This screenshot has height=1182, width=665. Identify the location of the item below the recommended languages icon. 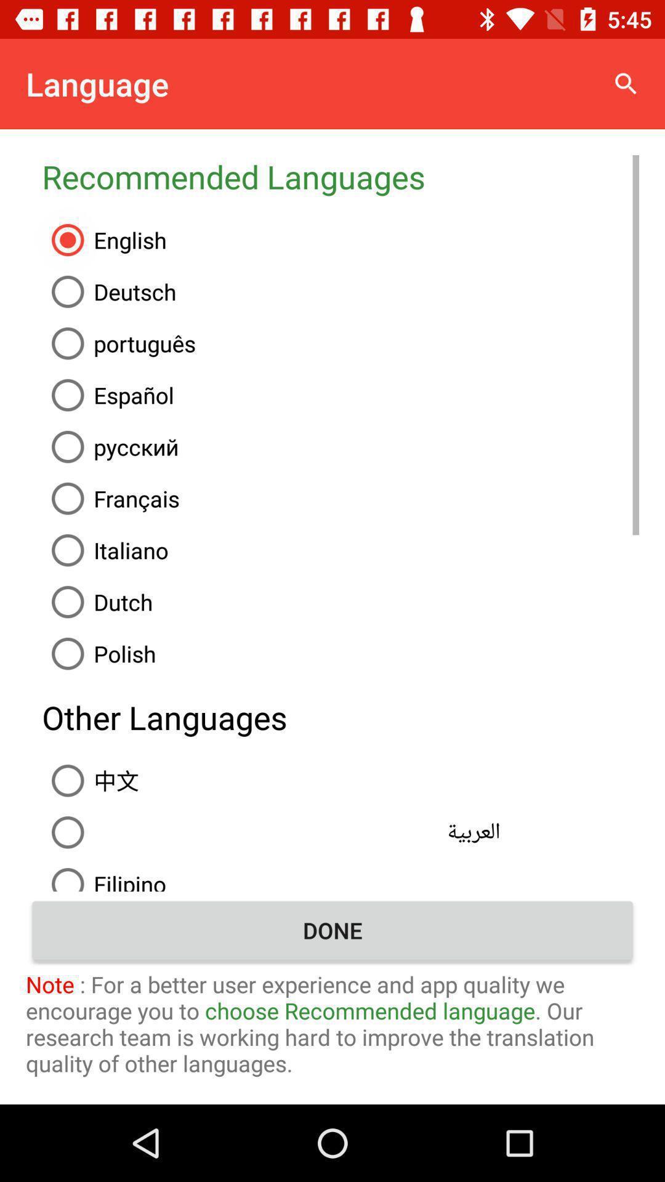
(341, 239).